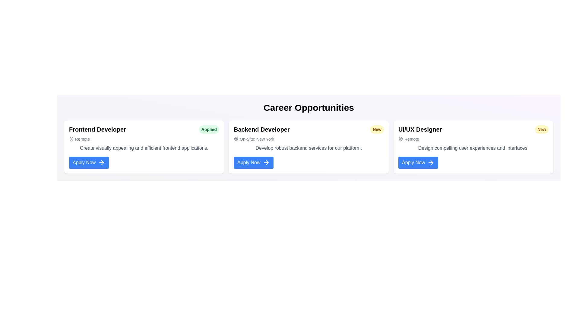 This screenshot has height=326, width=579. What do you see at coordinates (542, 129) in the screenshot?
I see `the 'New' badge with a yellow background located at the top-right corner of the 'UI/UX Designer' card` at bounding box center [542, 129].